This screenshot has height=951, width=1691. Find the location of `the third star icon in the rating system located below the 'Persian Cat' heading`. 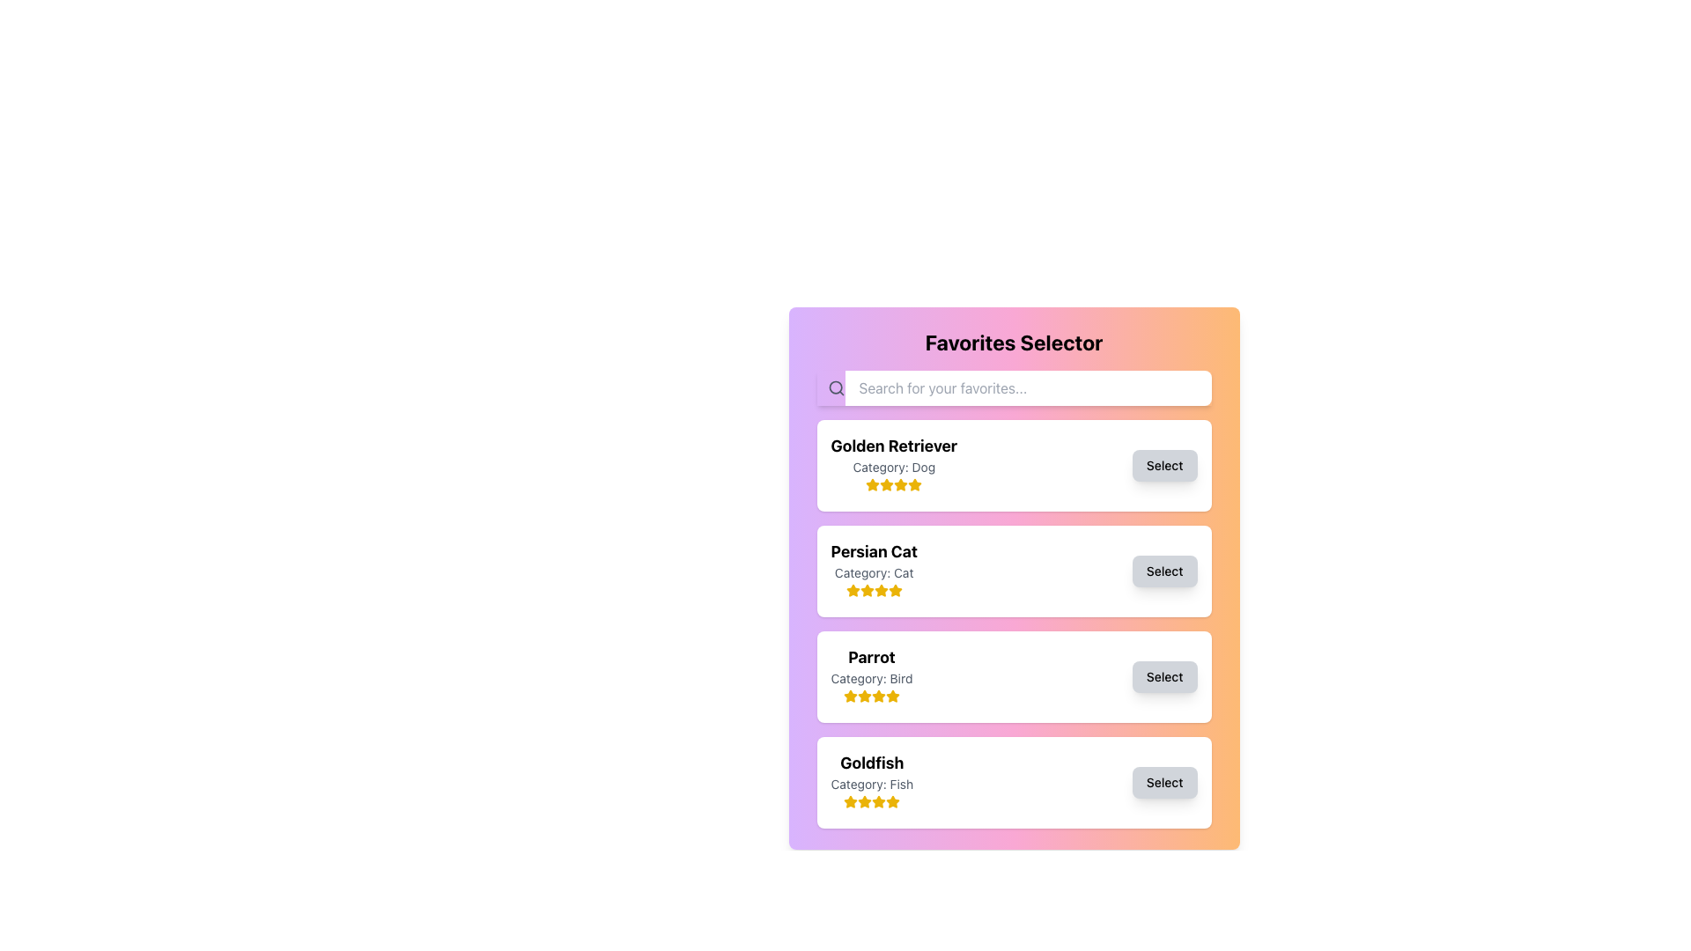

the third star icon in the rating system located below the 'Persian Cat' heading is located at coordinates (880, 590).